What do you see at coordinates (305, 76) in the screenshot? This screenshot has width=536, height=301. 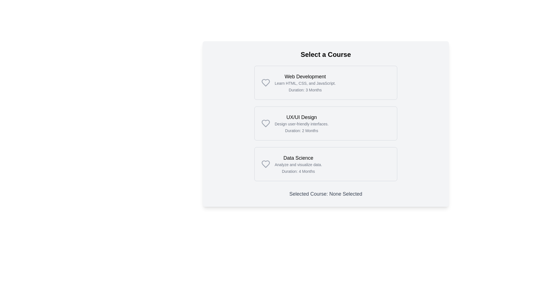 I see `the Text Label that serves as the title for the 'Web Development' course, positioned at the upper part of the course list` at bounding box center [305, 76].